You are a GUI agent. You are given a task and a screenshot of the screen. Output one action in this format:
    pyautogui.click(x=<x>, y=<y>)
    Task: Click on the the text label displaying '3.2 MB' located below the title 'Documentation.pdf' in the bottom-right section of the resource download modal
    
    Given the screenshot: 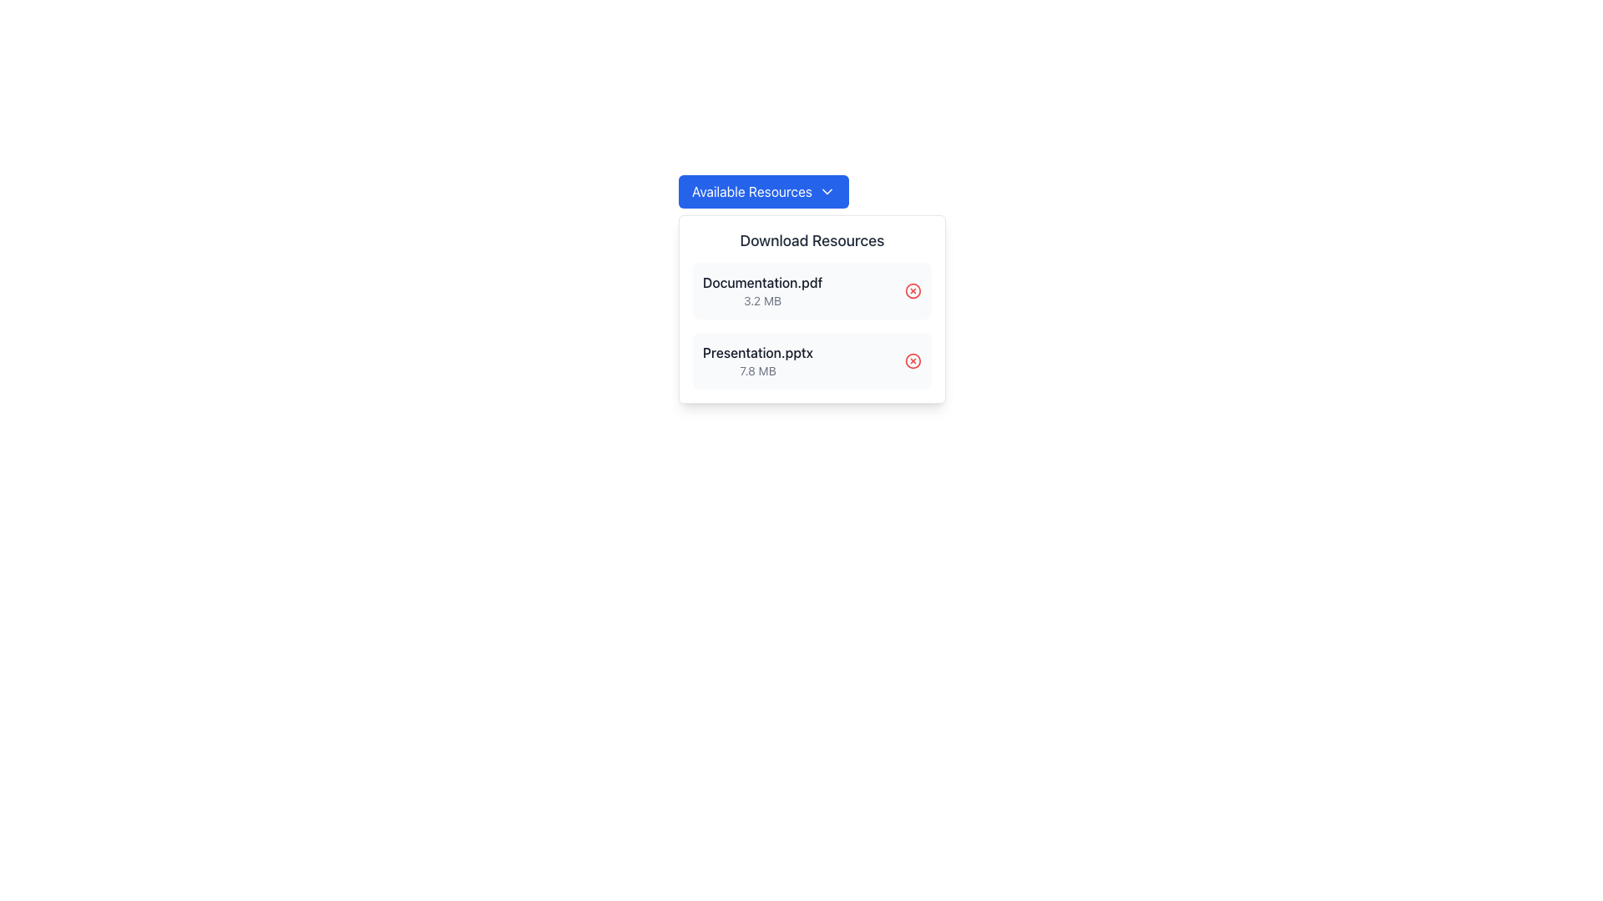 What is the action you would take?
    pyautogui.click(x=761, y=301)
    